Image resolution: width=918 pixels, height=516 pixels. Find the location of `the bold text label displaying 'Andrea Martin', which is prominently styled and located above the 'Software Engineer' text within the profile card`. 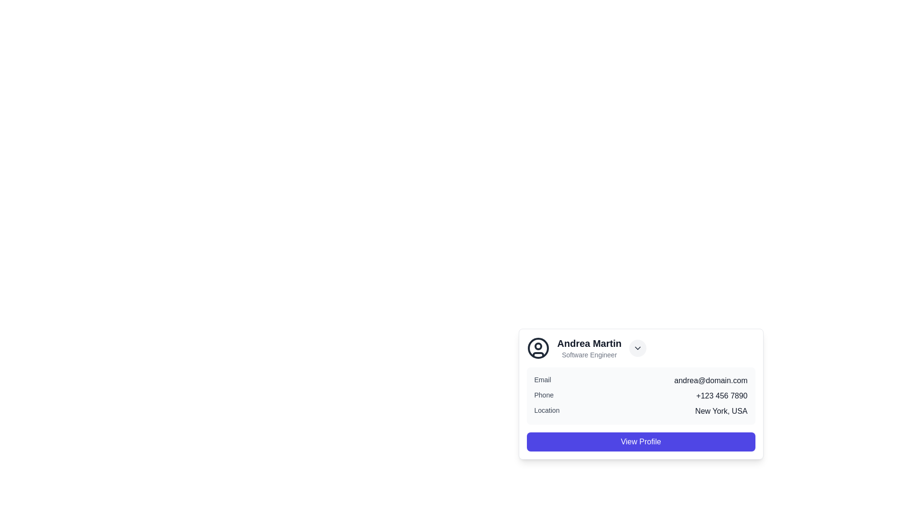

the bold text label displaying 'Andrea Martin', which is prominently styled and located above the 'Software Engineer' text within the profile card is located at coordinates (589, 343).